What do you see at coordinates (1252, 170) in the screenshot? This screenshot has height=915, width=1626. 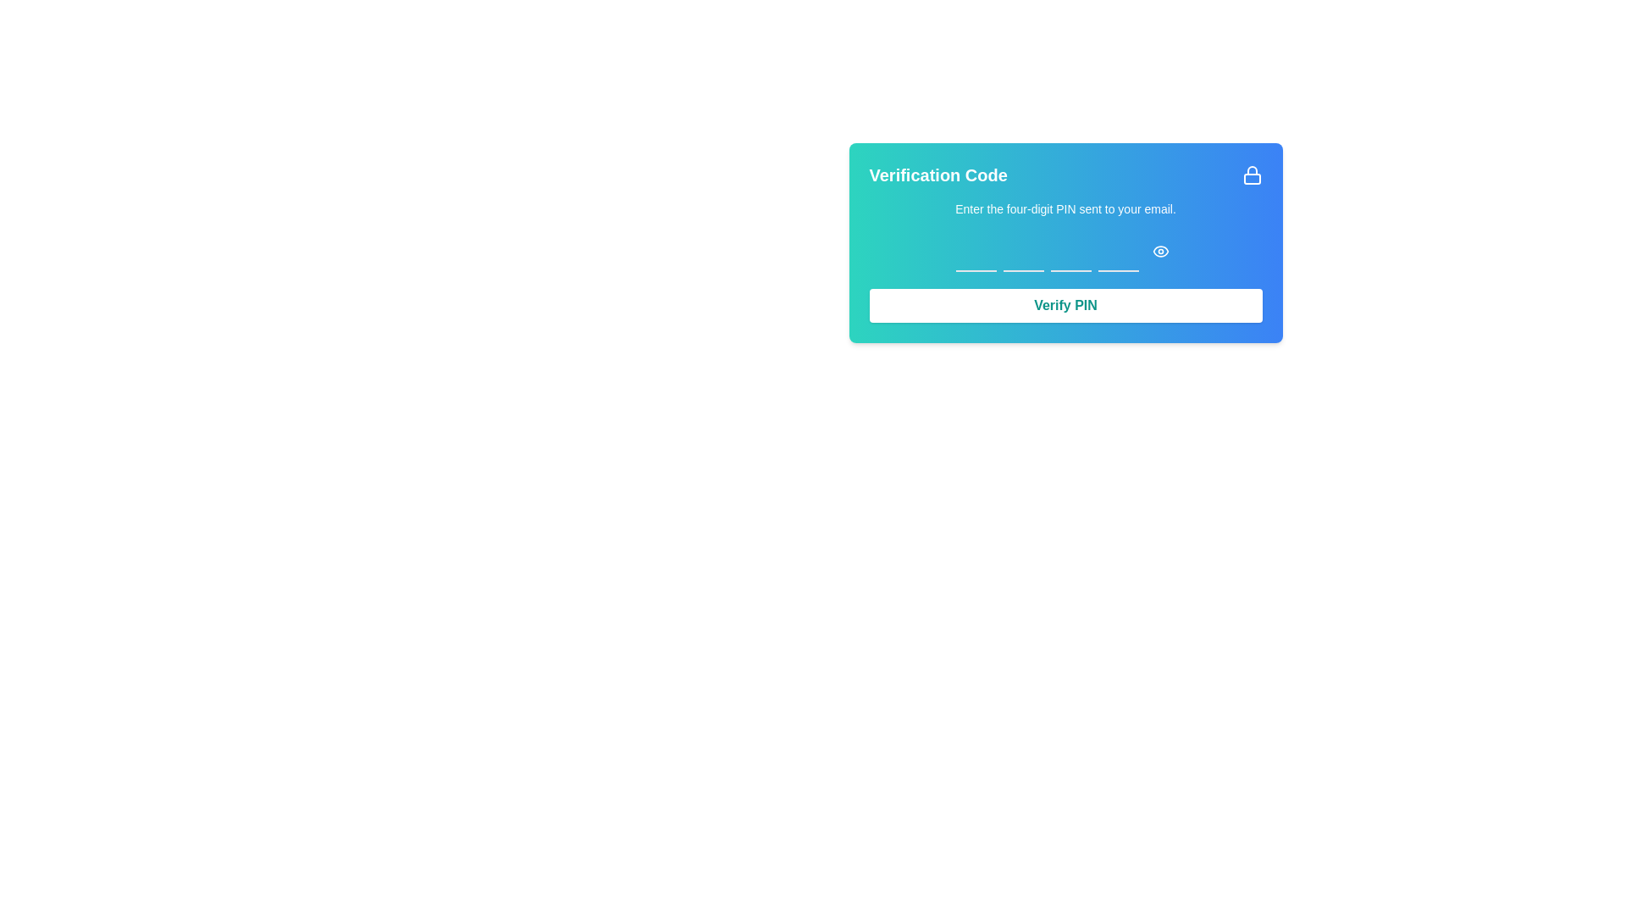 I see `the curved line segment of the padlock icon within the SVG element` at bounding box center [1252, 170].